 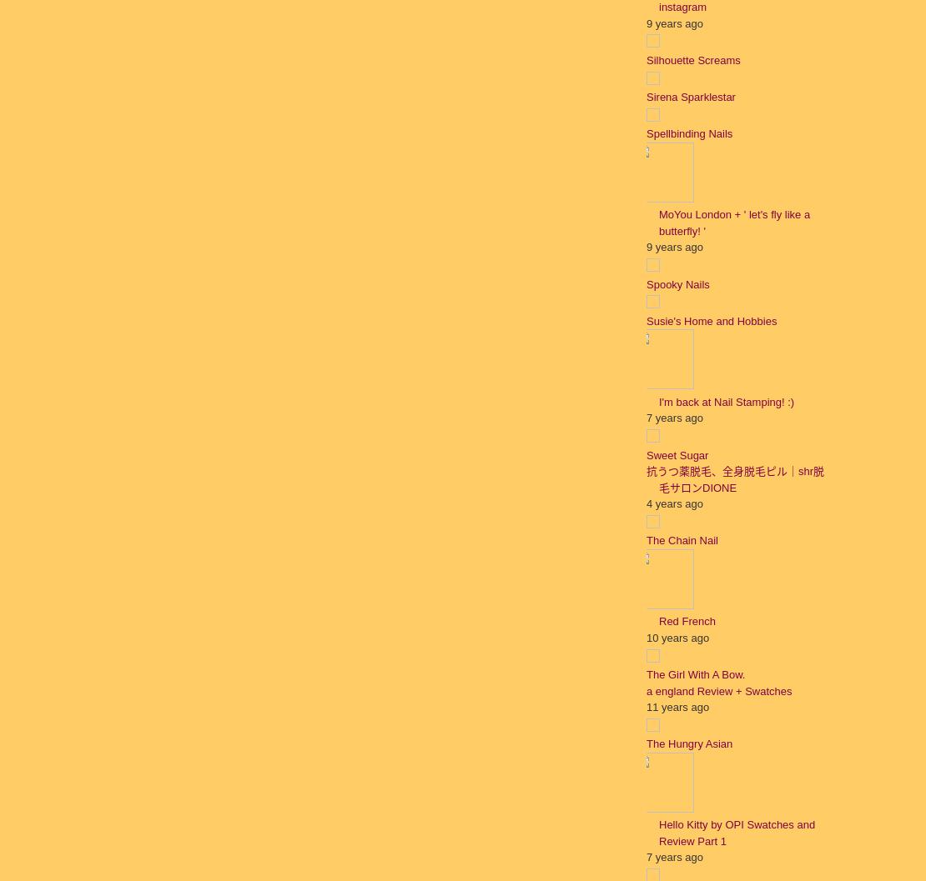 What do you see at coordinates (677, 453) in the screenshot?
I see `'Sweet Sugar'` at bounding box center [677, 453].